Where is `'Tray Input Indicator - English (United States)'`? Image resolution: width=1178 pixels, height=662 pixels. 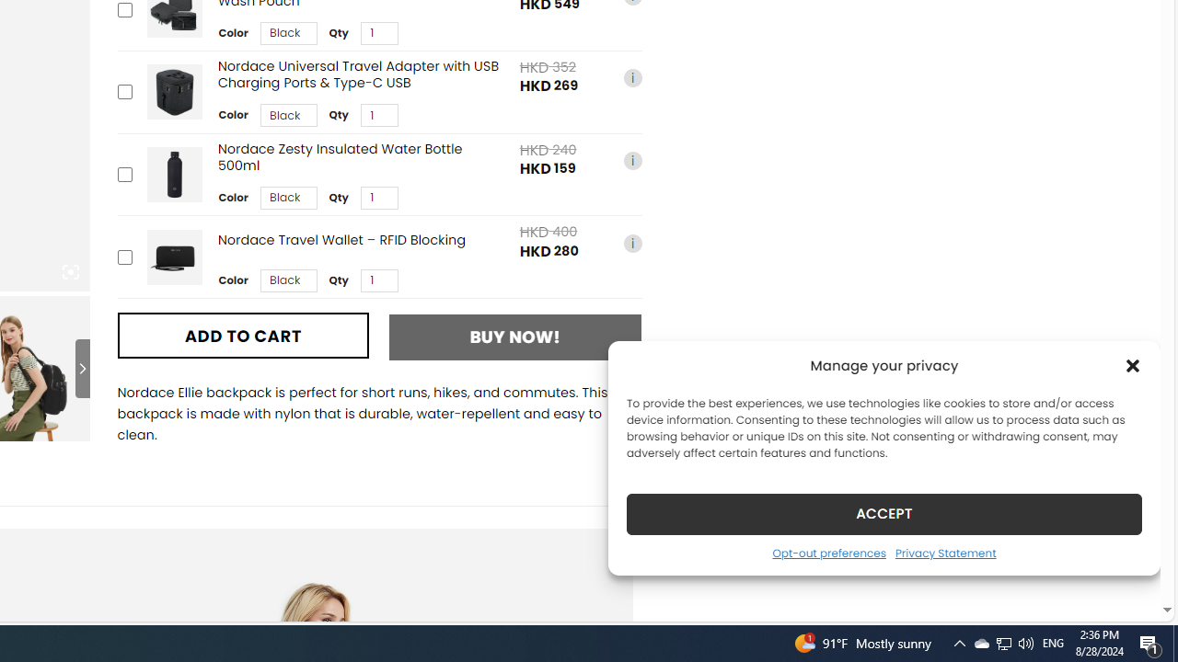 'Tray Input Indicator - English (United States)' is located at coordinates (1053, 642).